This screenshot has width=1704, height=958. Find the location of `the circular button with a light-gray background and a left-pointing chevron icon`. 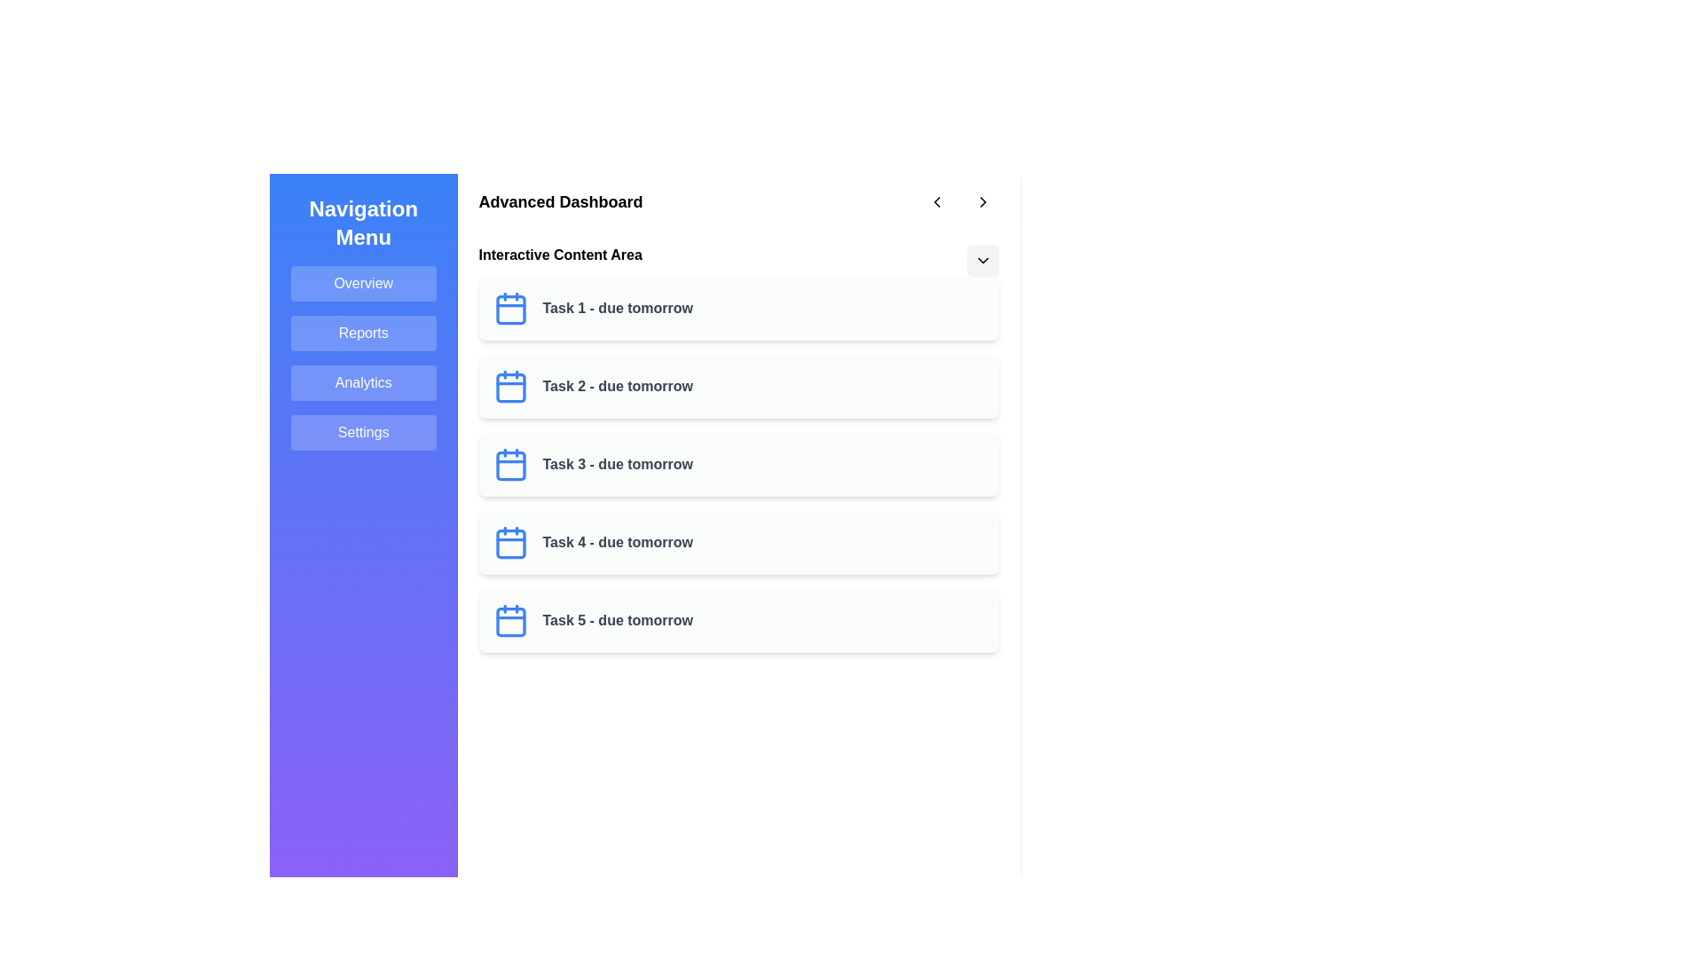

the circular button with a light-gray background and a left-pointing chevron icon is located at coordinates (936, 200).